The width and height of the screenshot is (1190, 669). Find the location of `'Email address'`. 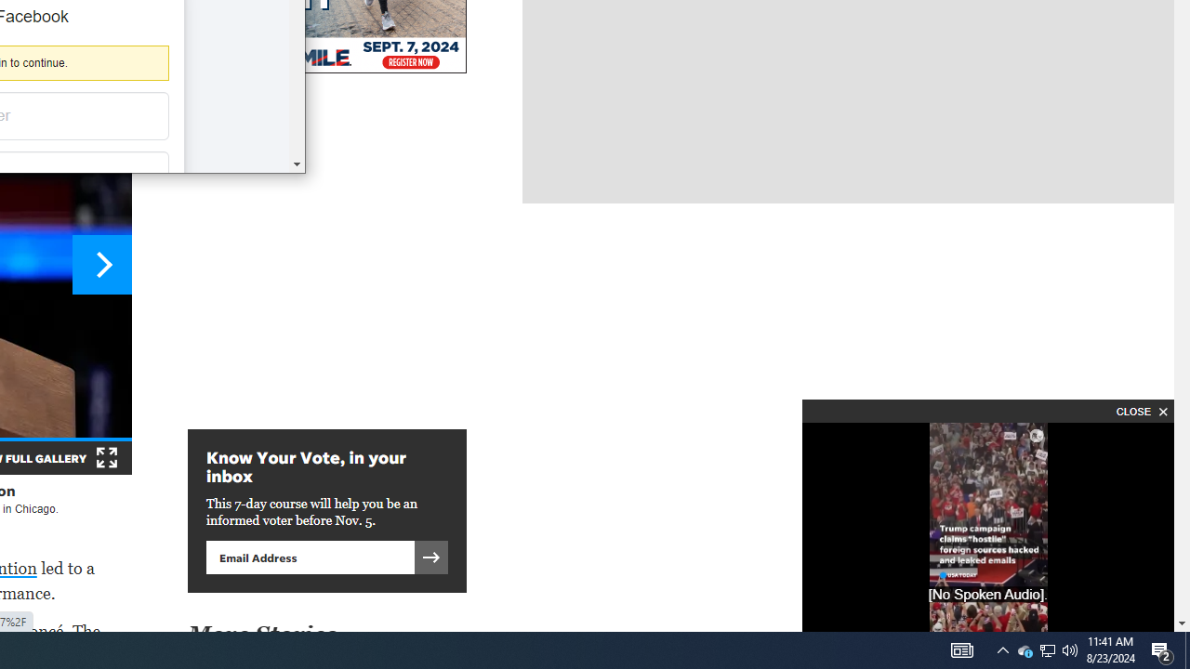

'Email address' is located at coordinates (310, 556).